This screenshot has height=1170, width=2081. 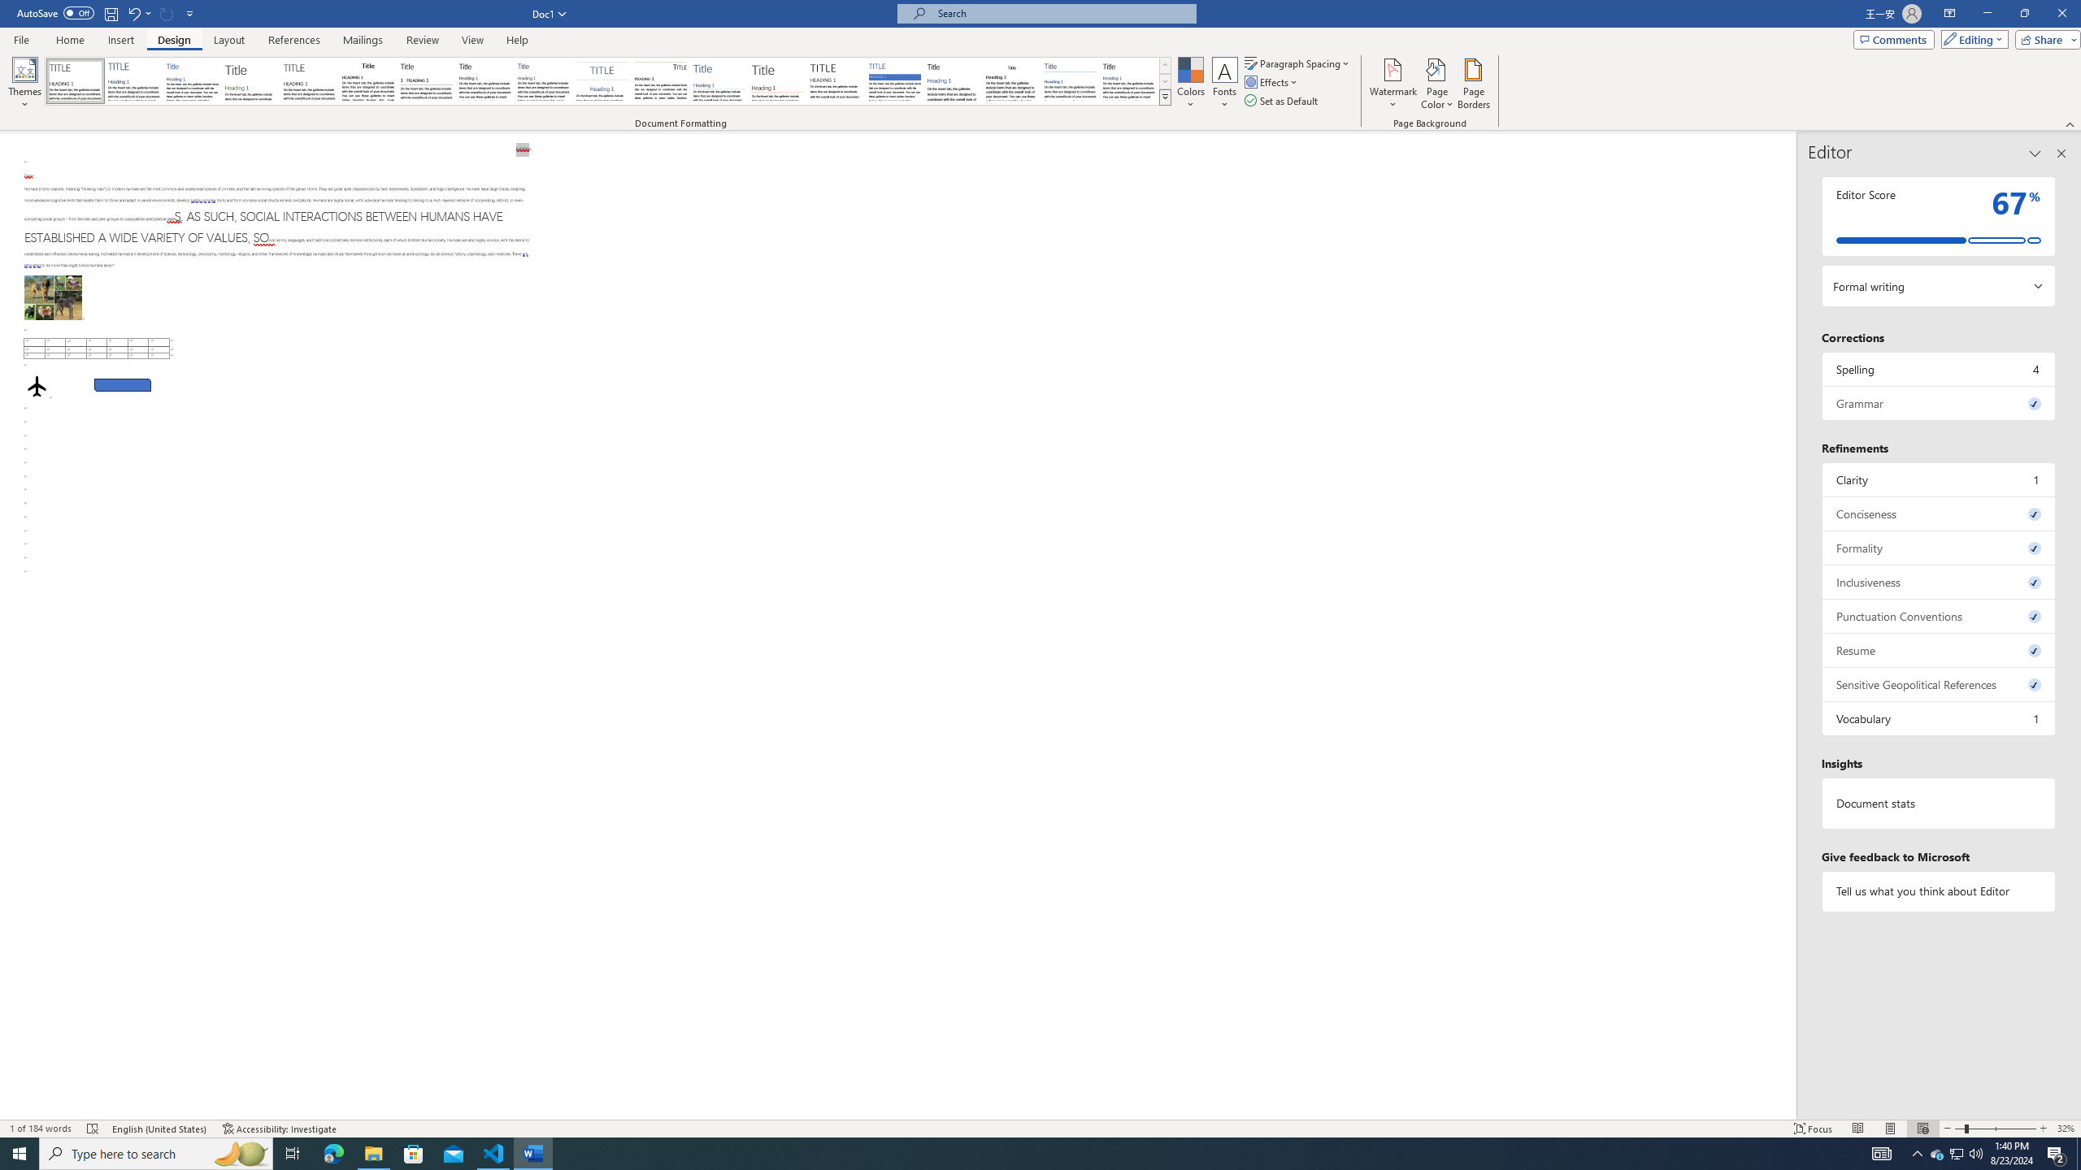 I want to click on 'AutomationID: QuickStylesSets', so click(x=607, y=80).